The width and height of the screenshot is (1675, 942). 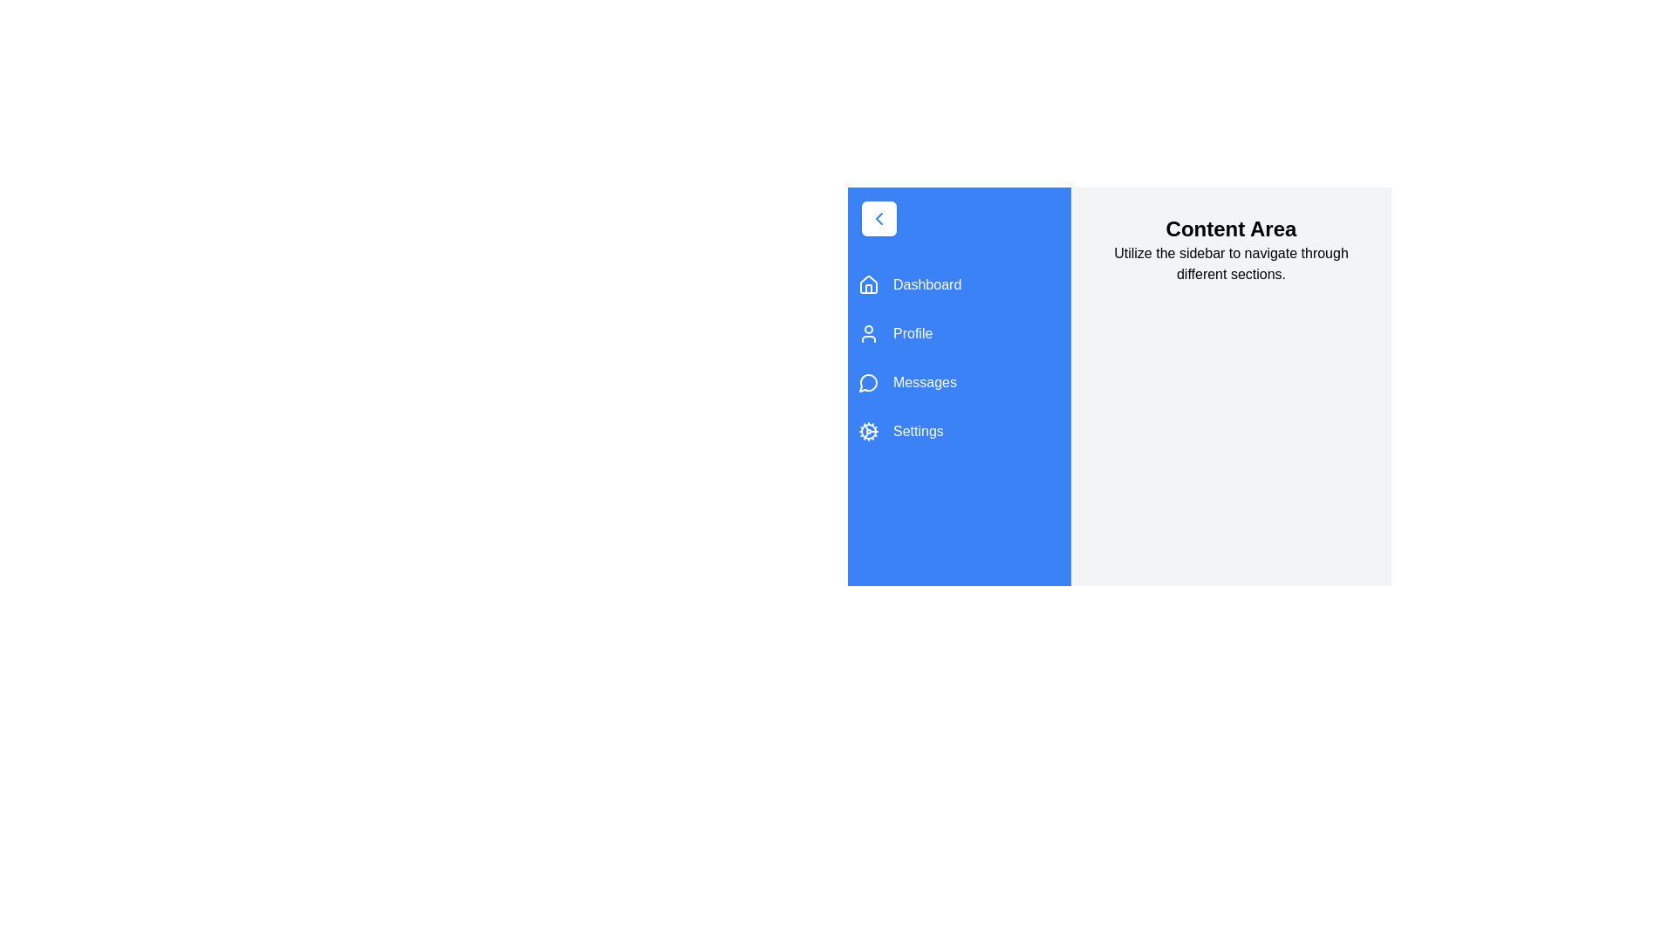 What do you see at coordinates (958, 382) in the screenshot?
I see `the menu item Messages from the sidebar` at bounding box center [958, 382].